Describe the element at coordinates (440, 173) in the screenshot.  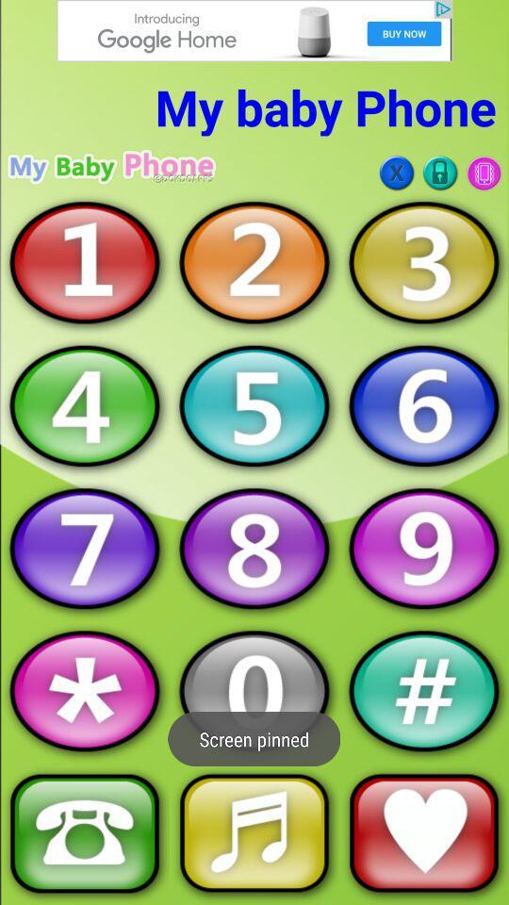
I see `lock screen` at that location.